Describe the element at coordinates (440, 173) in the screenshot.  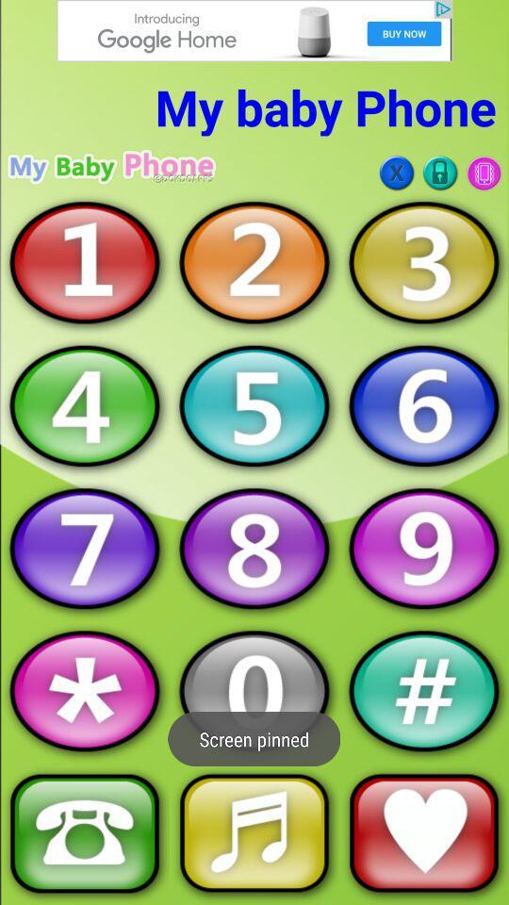
I see `lock screen` at that location.